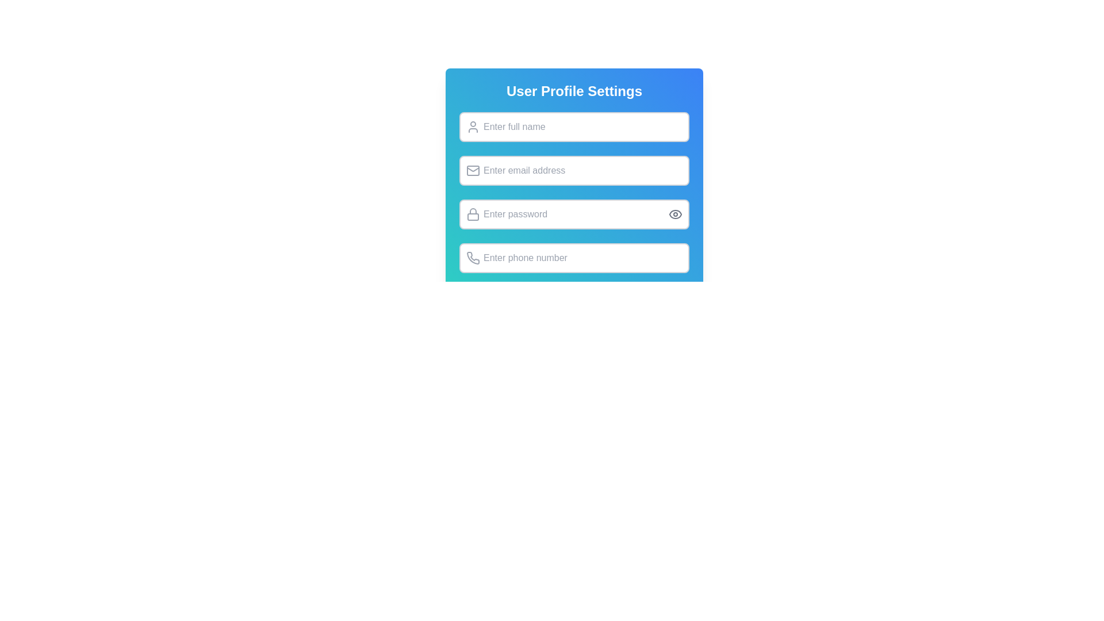 This screenshot has height=621, width=1104. What do you see at coordinates (574, 90) in the screenshot?
I see `text content of the 'User Profile Settings' header, which is styled in bold white font on a gradient blue background at the top of the interface` at bounding box center [574, 90].